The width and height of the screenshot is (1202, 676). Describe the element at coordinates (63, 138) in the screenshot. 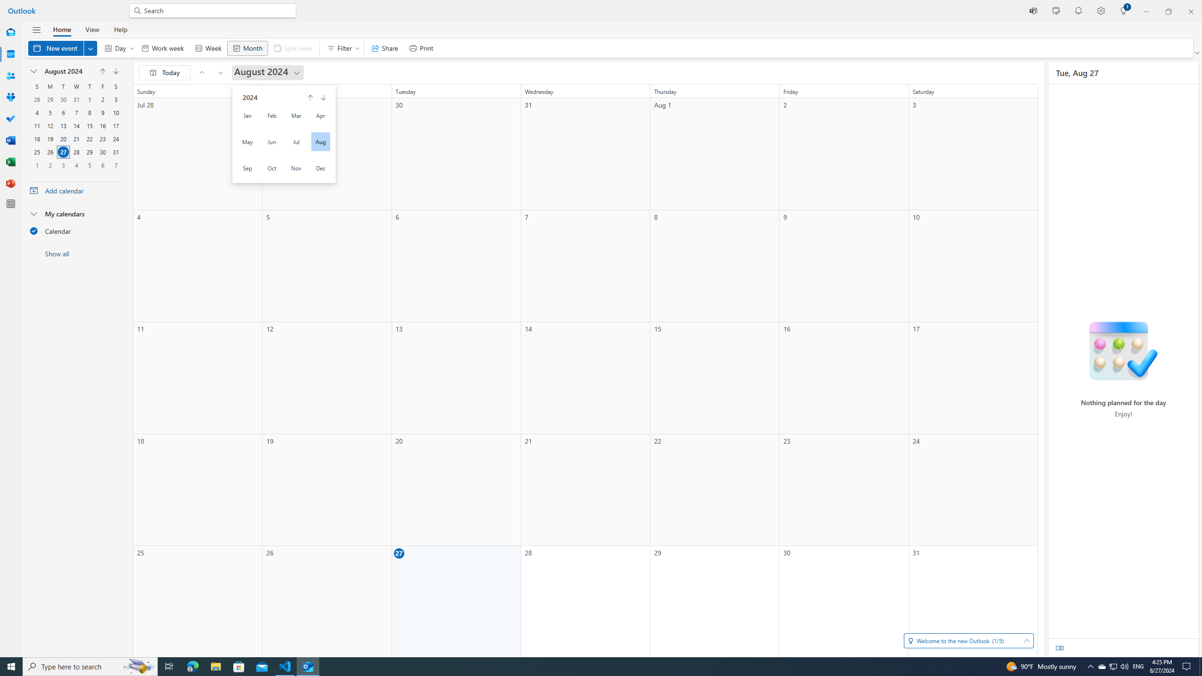

I see `'20, August, 2024'` at that location.